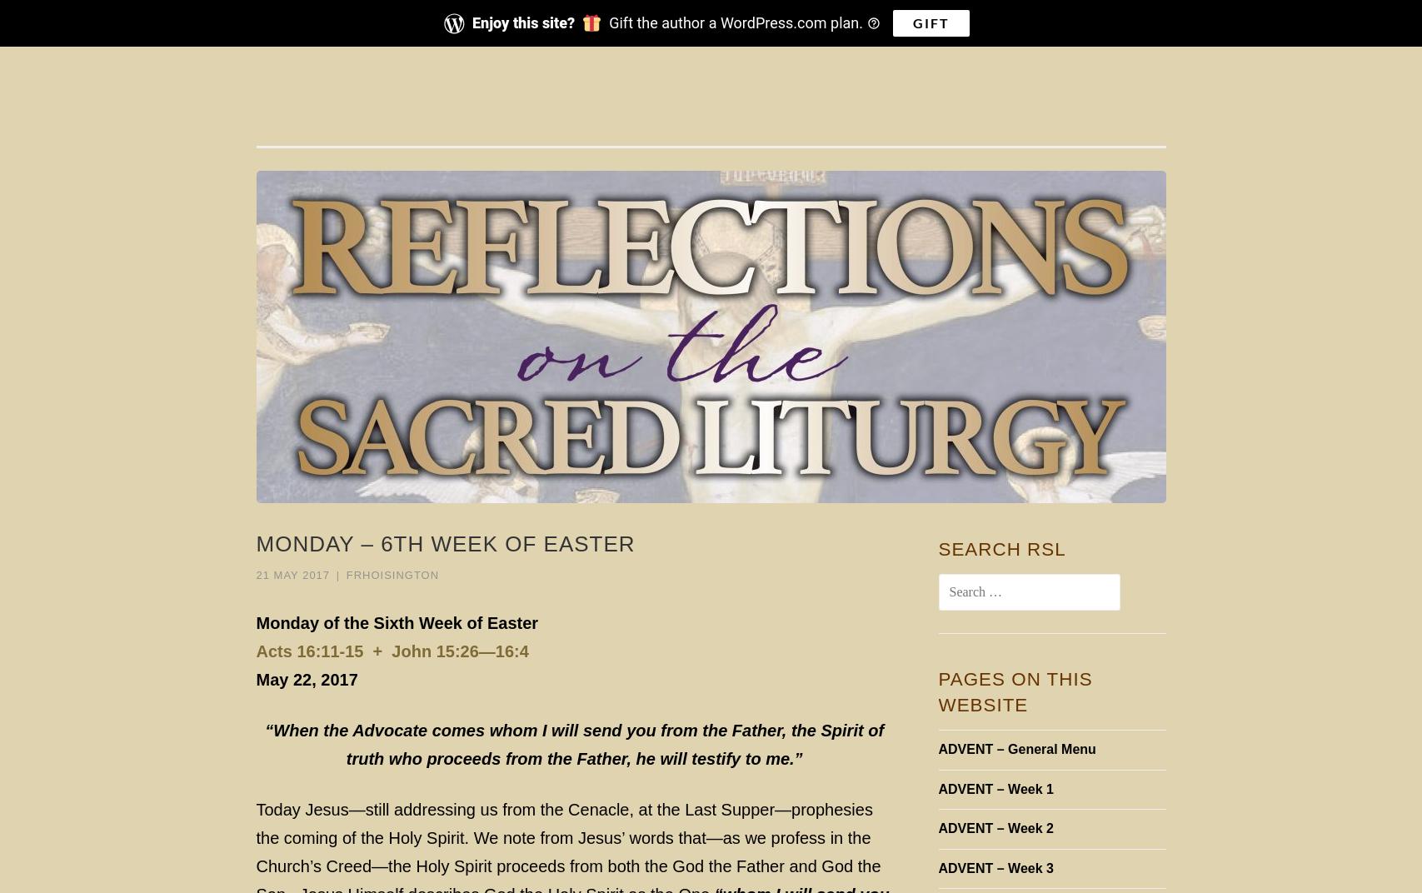  I want to click on 'frhoisington', so click(345, 573).